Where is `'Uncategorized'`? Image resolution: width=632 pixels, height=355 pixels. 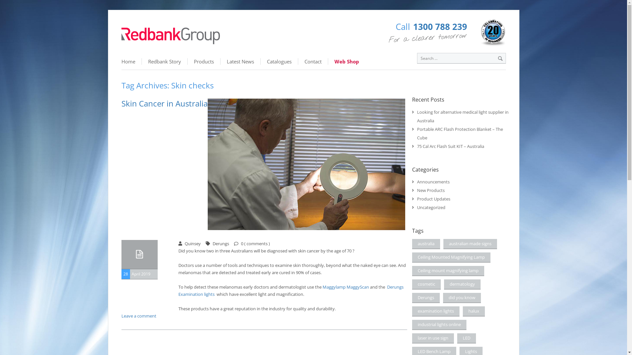
'Uncategorized' is located at coordinates (431, 207).